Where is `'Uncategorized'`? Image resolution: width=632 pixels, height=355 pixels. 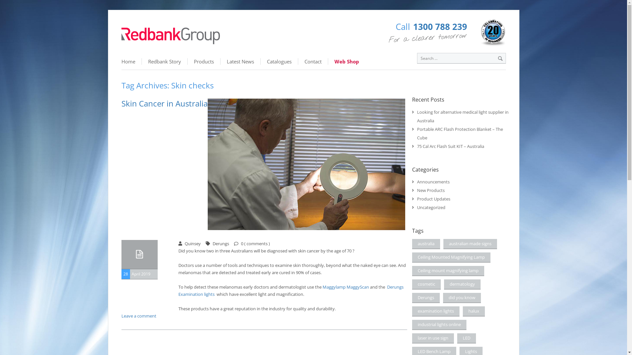
'Uncategorized' is located at coordinates (431, 207).